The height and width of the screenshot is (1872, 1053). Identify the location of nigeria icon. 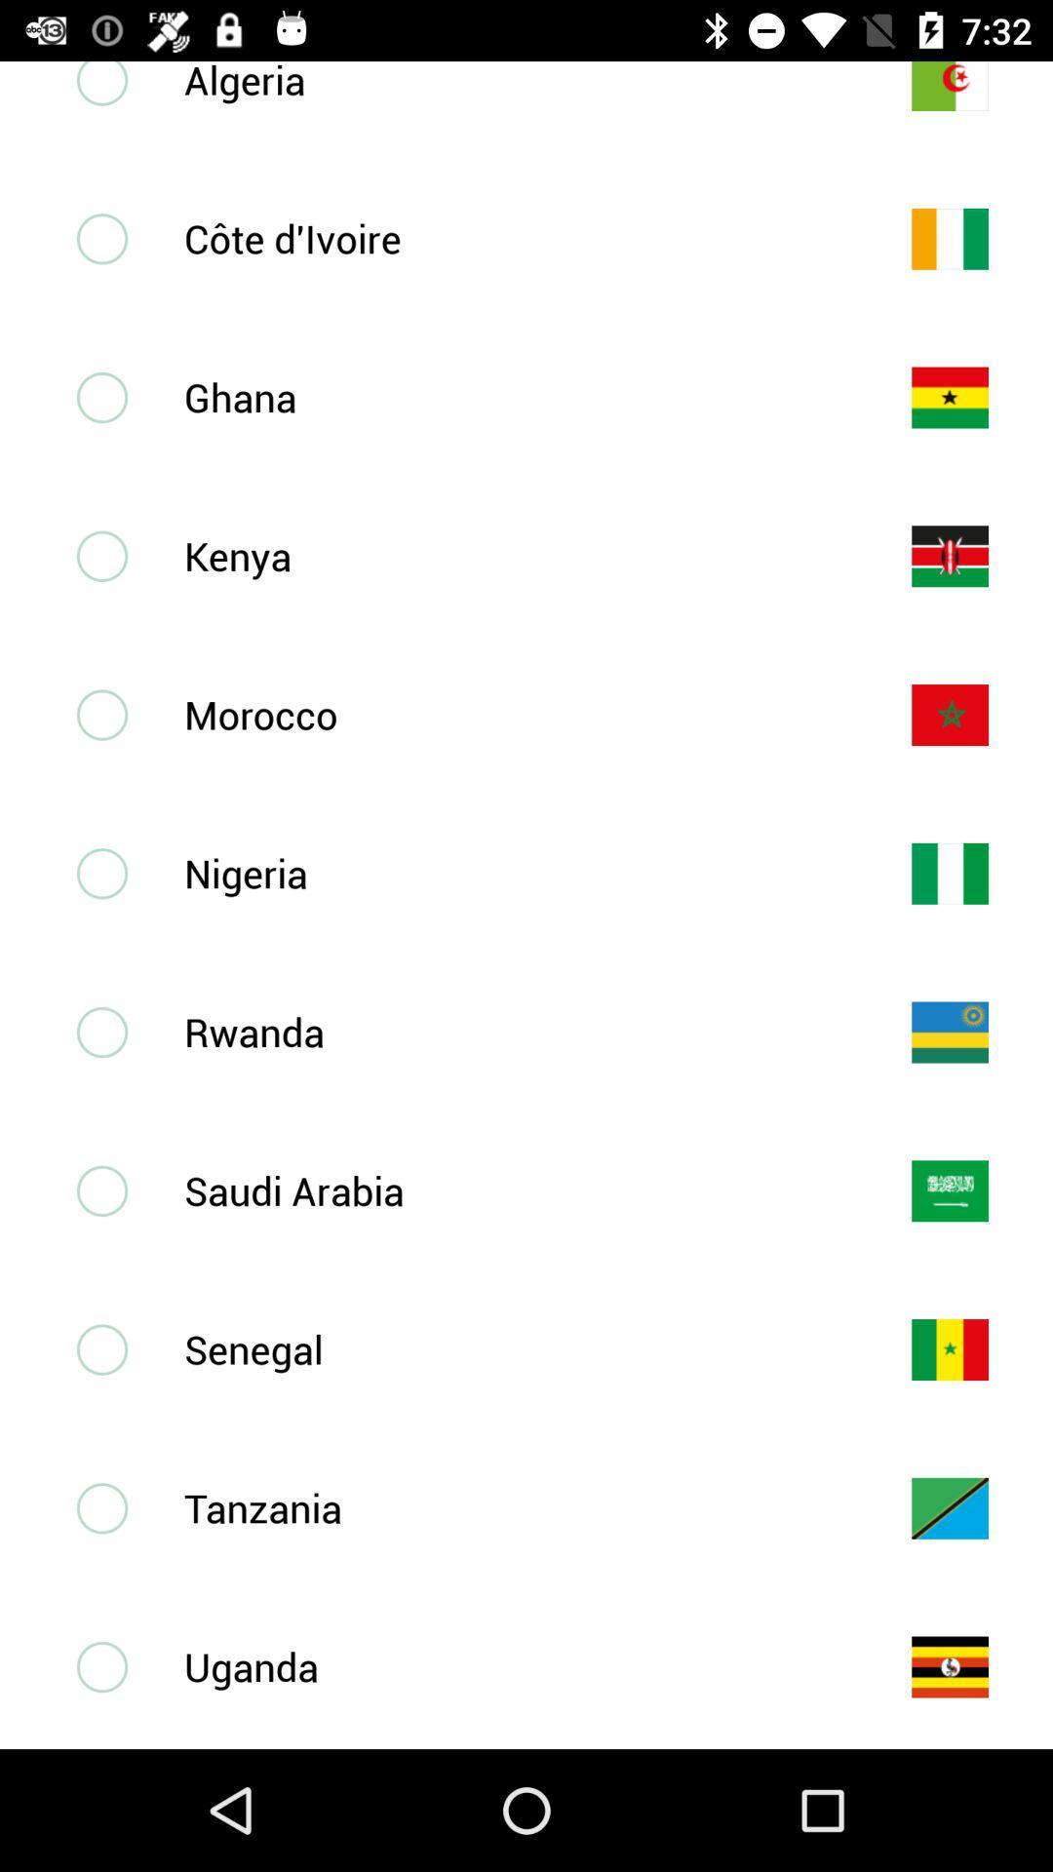
(515, 872).